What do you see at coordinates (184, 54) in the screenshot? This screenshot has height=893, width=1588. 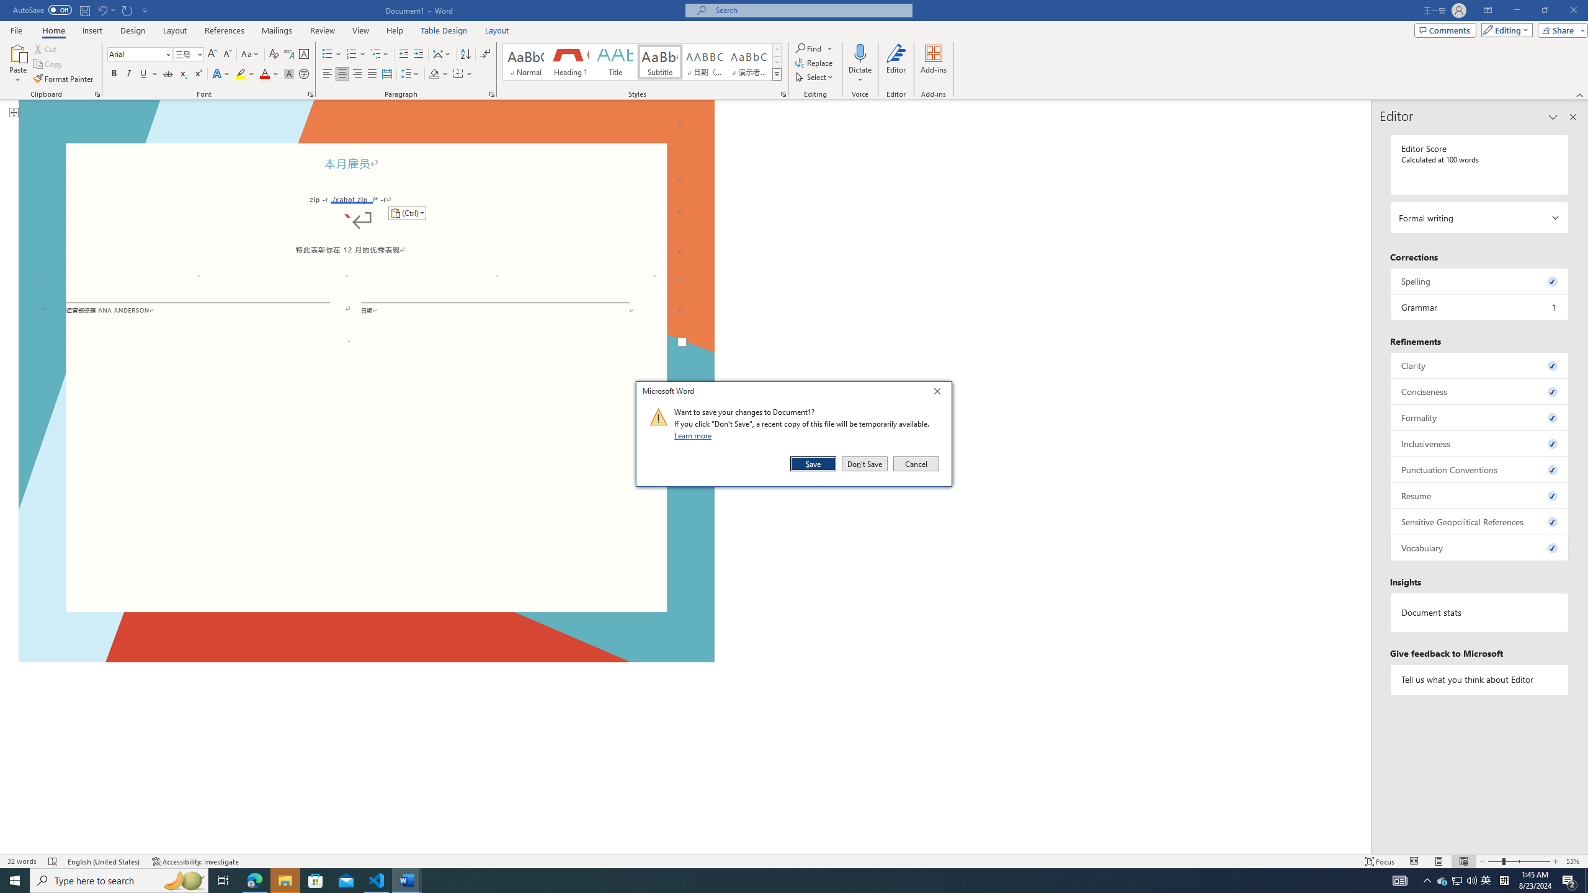 I see `'Font Size'` at bounding box center [184, 54].